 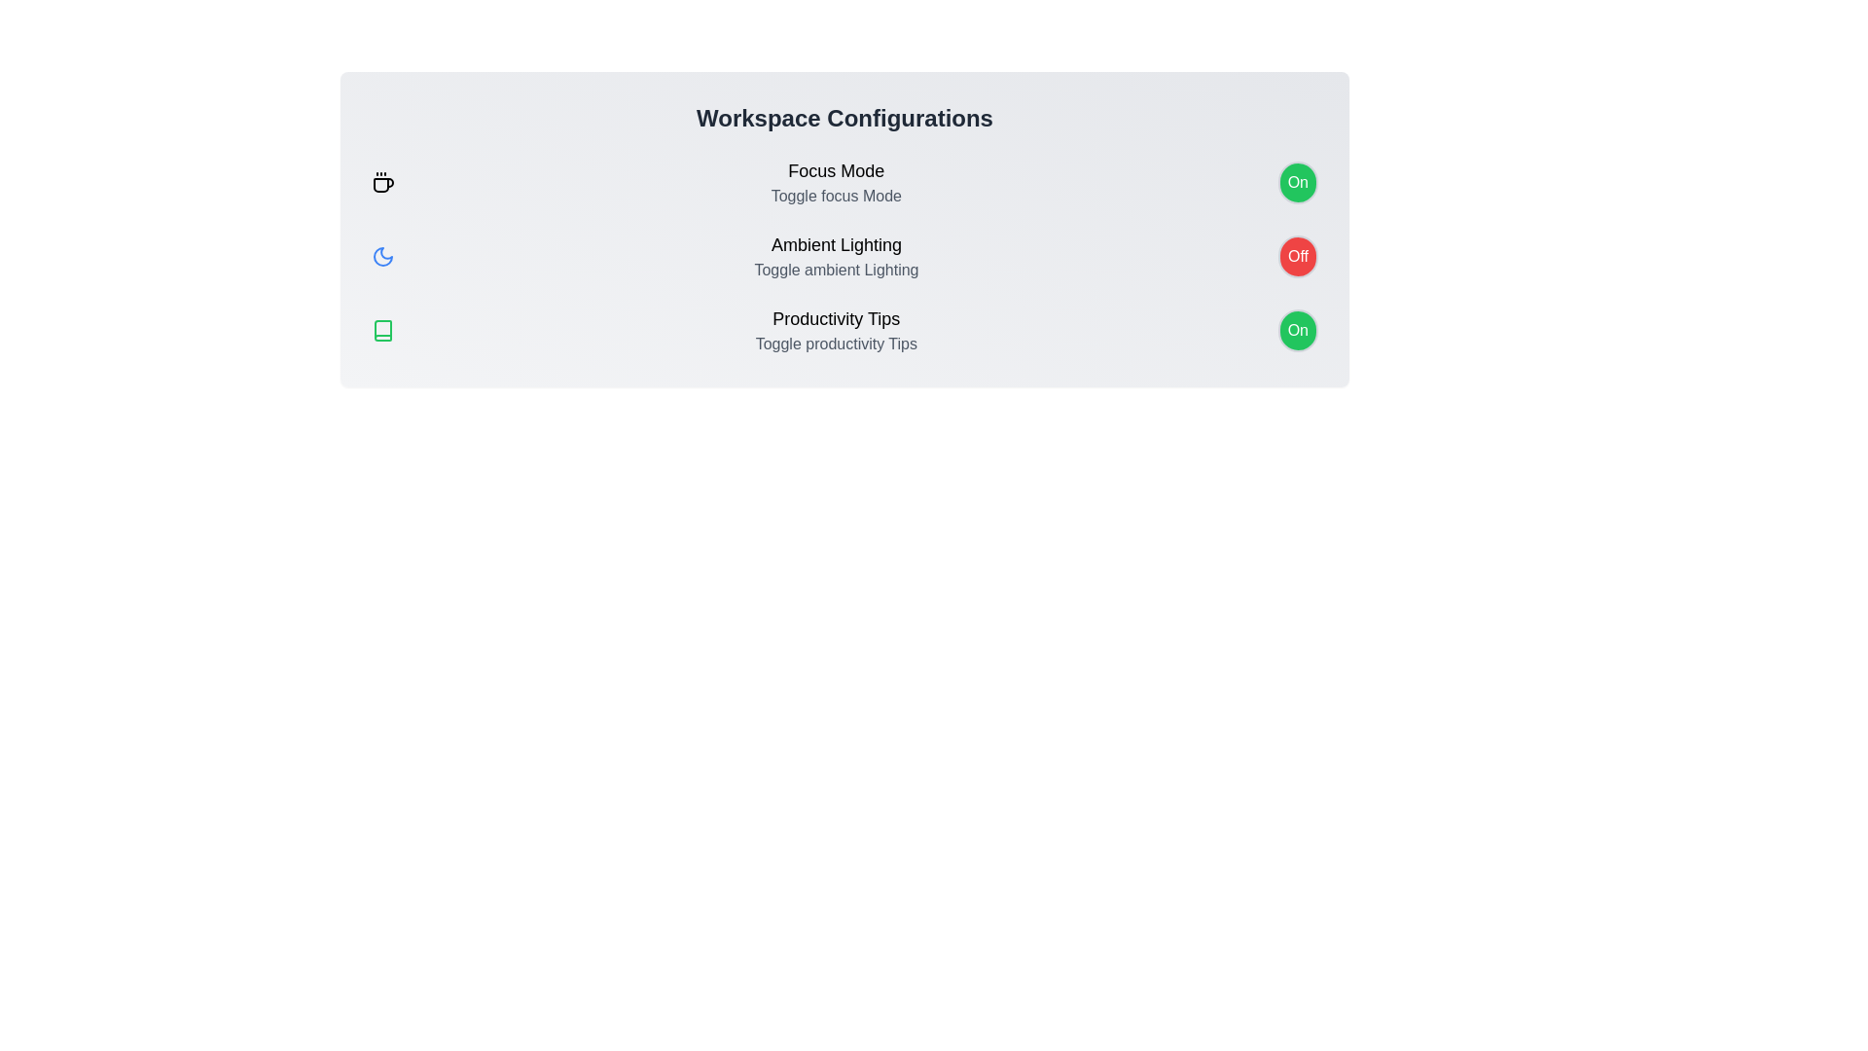 I want to click on the icon representing focus_mode to toggle its state, so click(x=382, y=183).